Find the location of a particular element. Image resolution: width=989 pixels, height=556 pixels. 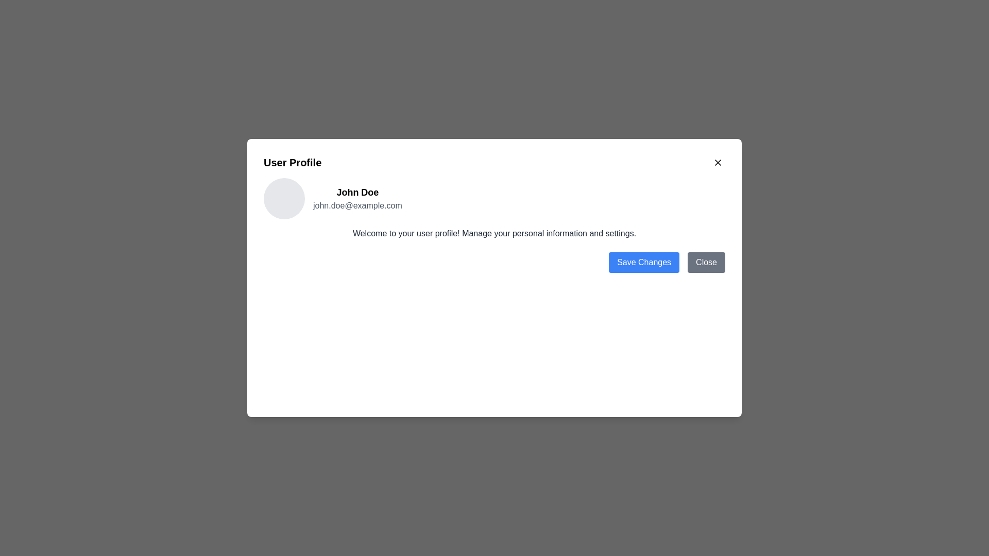

the 'Close' button, which is a rectangular button with white text on a grey background, located in the bottom-right section of the modal dialog is located at coordinates (706, 262).